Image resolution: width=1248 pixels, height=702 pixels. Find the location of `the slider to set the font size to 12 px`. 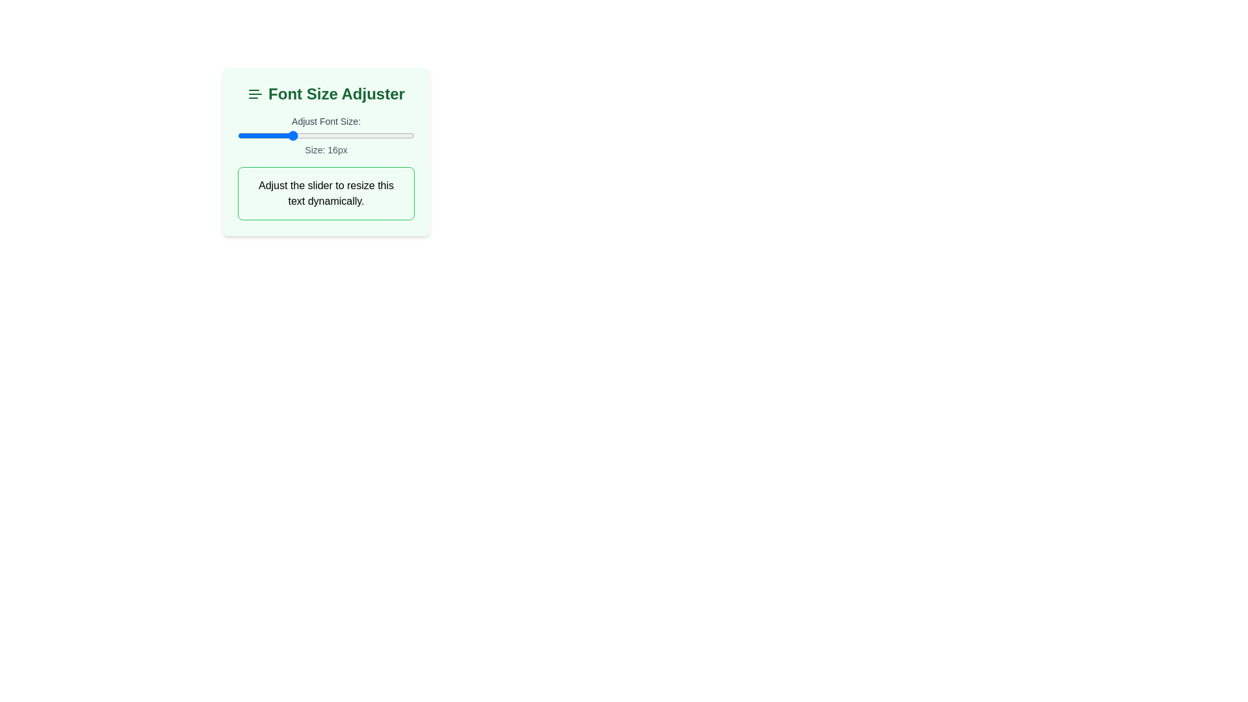

the slider to set the font size to 12 px is located at coordinates (255, 135).